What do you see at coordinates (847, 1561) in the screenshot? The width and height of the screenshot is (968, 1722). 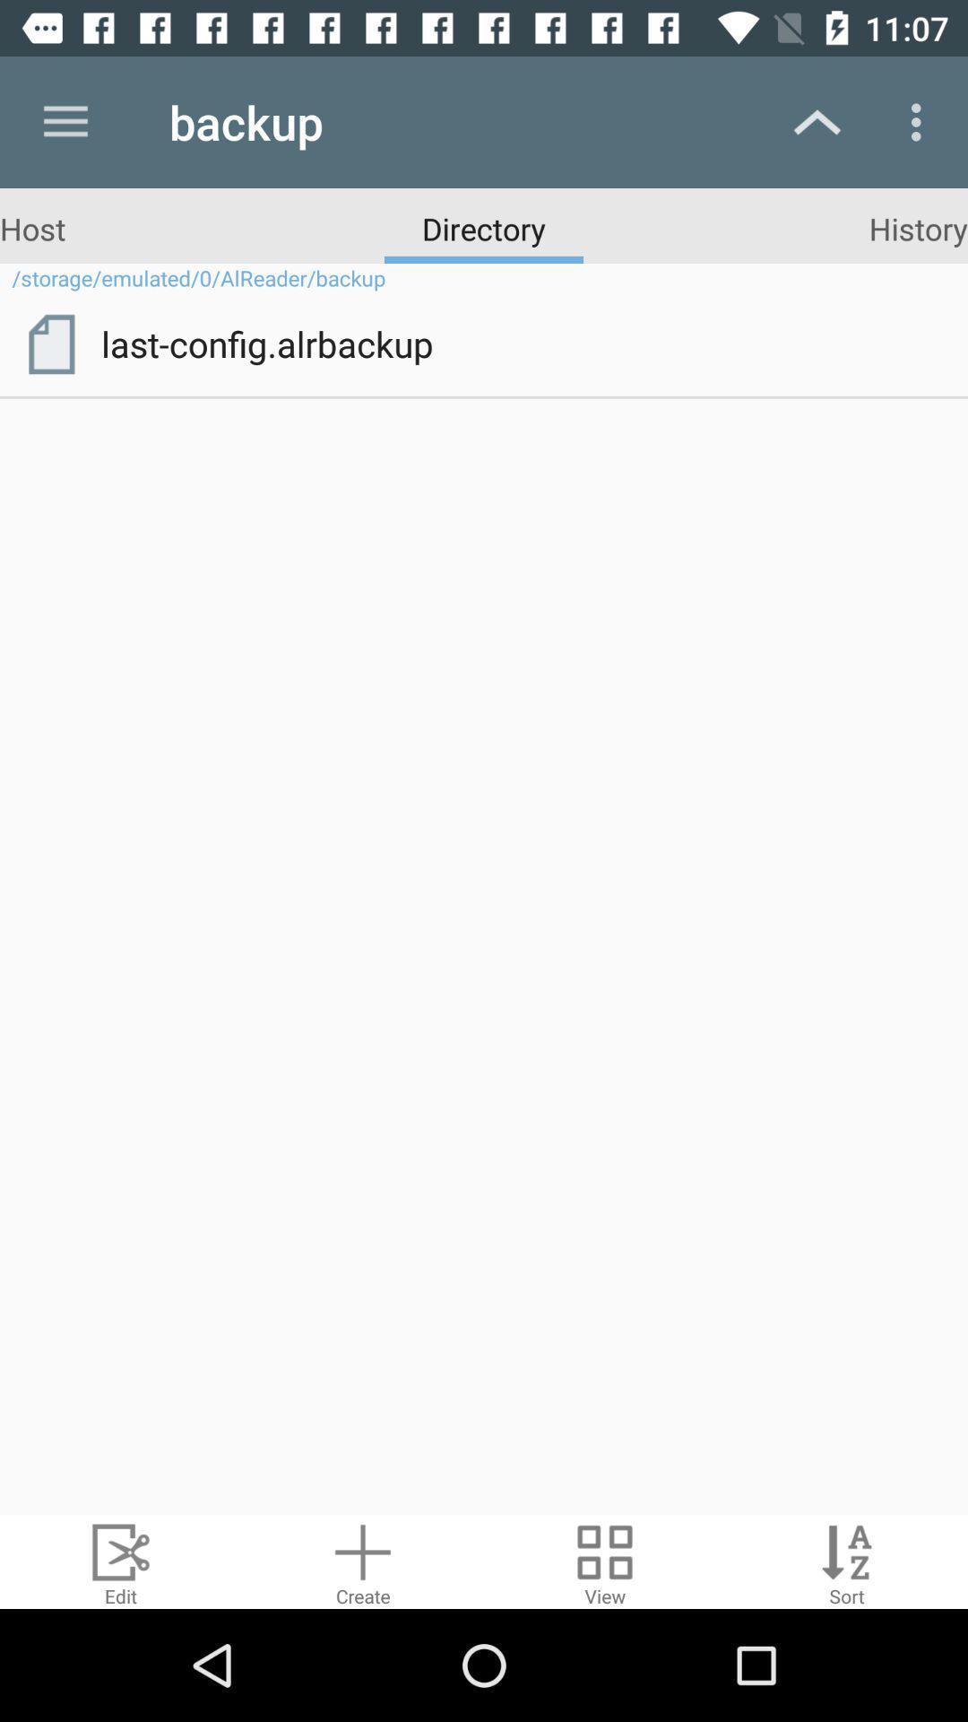 I see `text` at bounding box center [847, 1561].